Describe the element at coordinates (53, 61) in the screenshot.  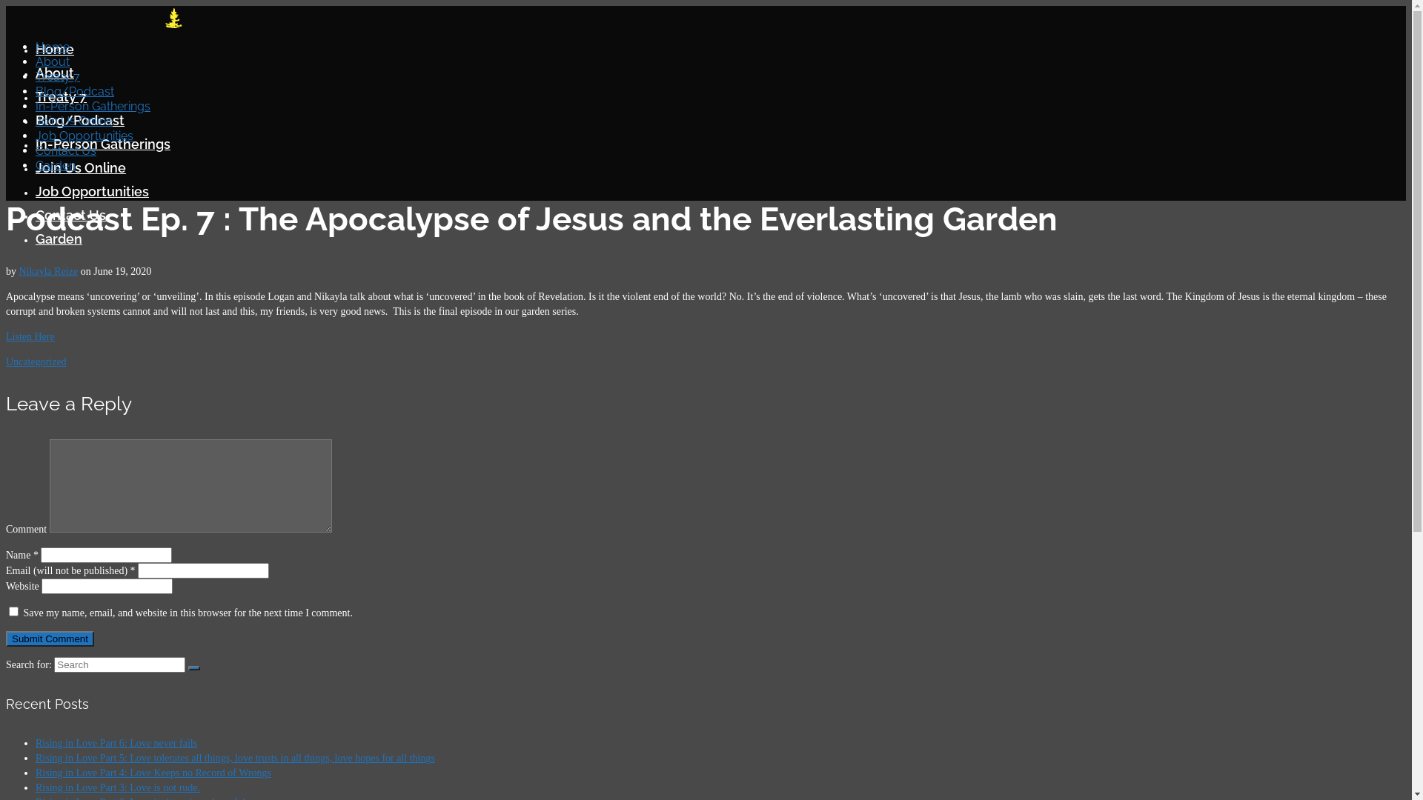
I see `'About'` at that location.